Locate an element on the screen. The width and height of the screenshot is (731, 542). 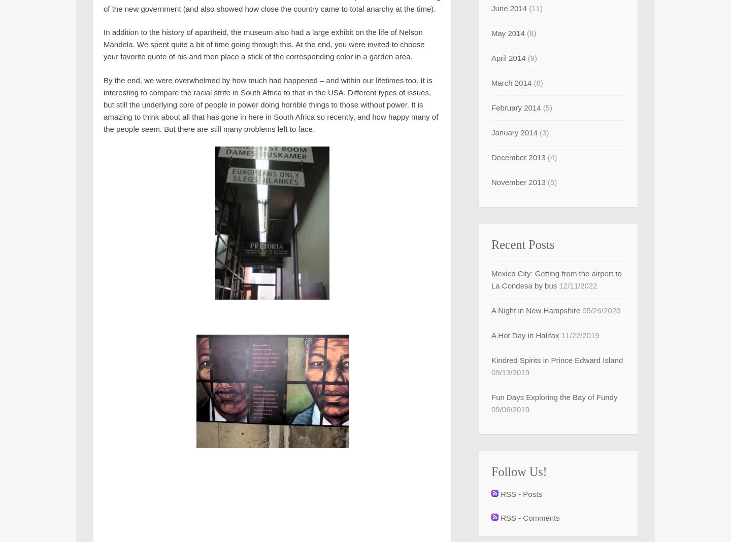
'RSS - Posts' is located at coordinates (500, 494).